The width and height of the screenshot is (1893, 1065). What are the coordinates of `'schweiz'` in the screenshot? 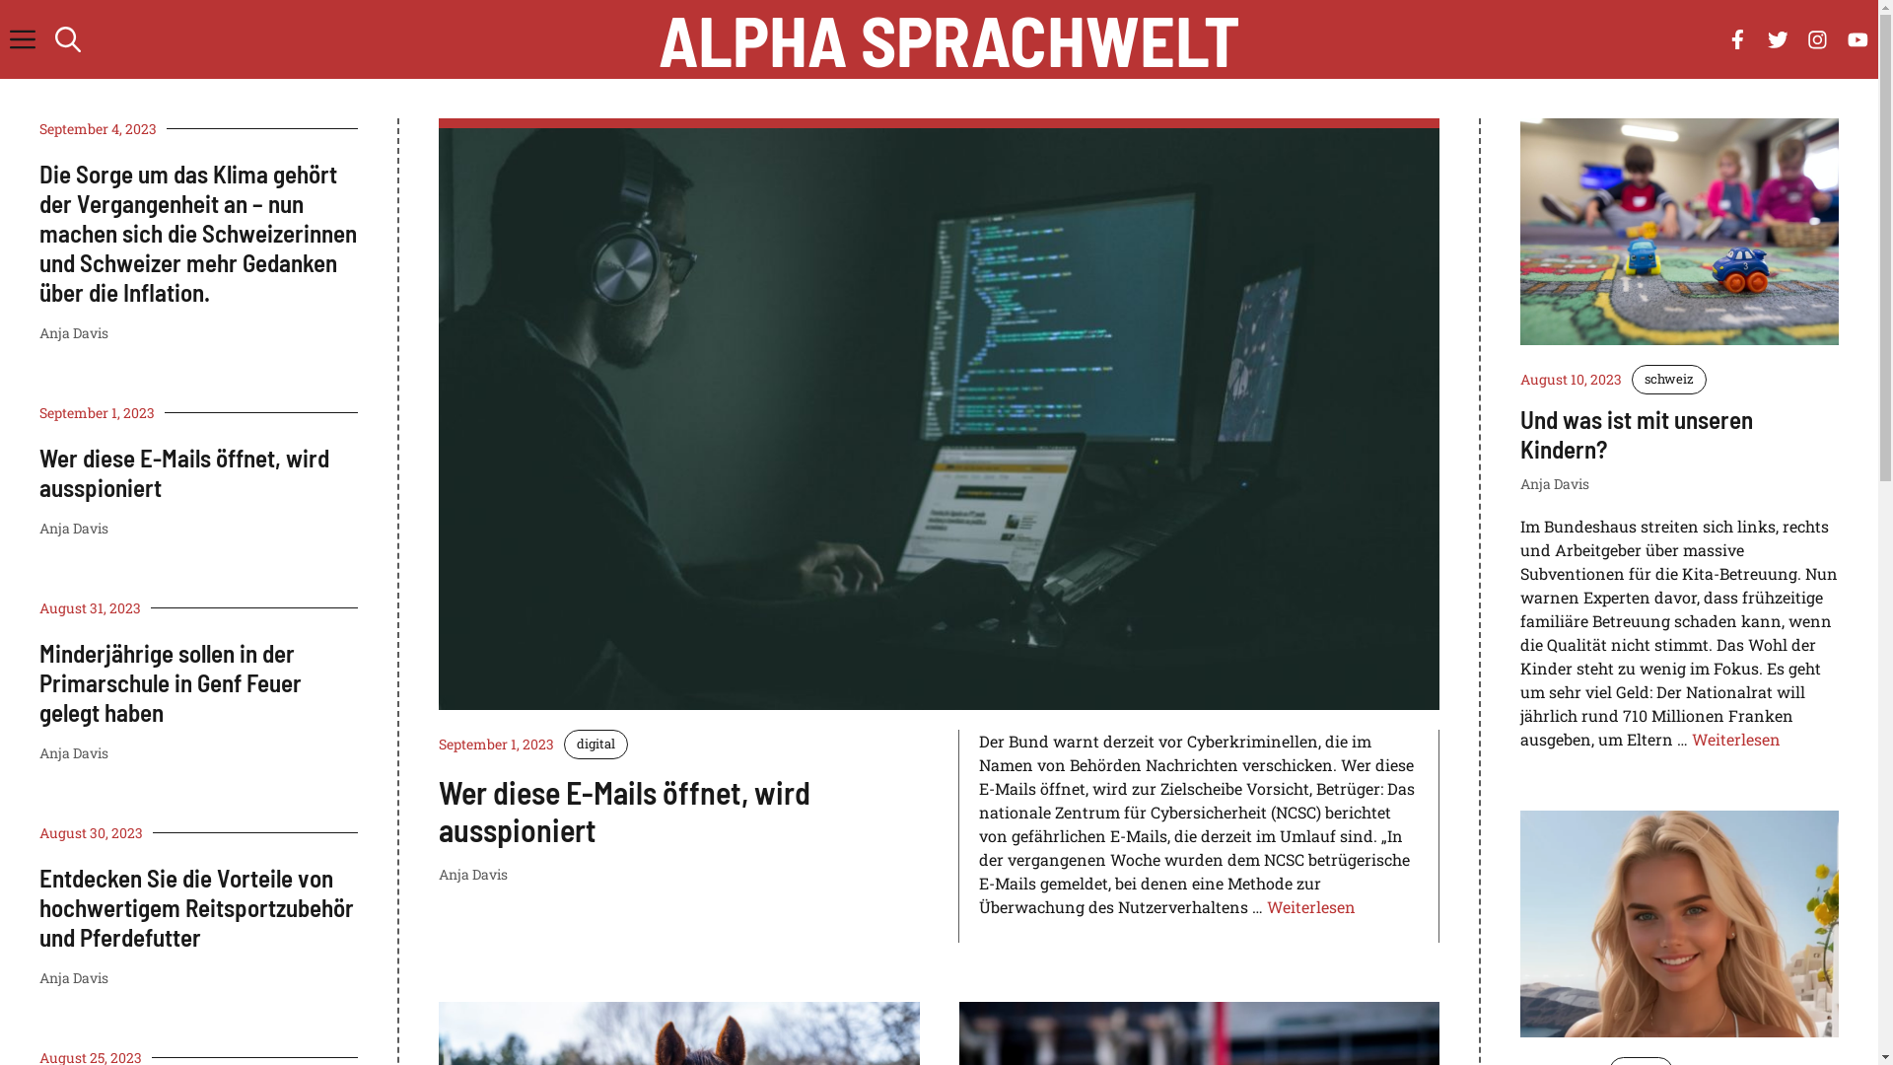 It's located at (1668, 380).